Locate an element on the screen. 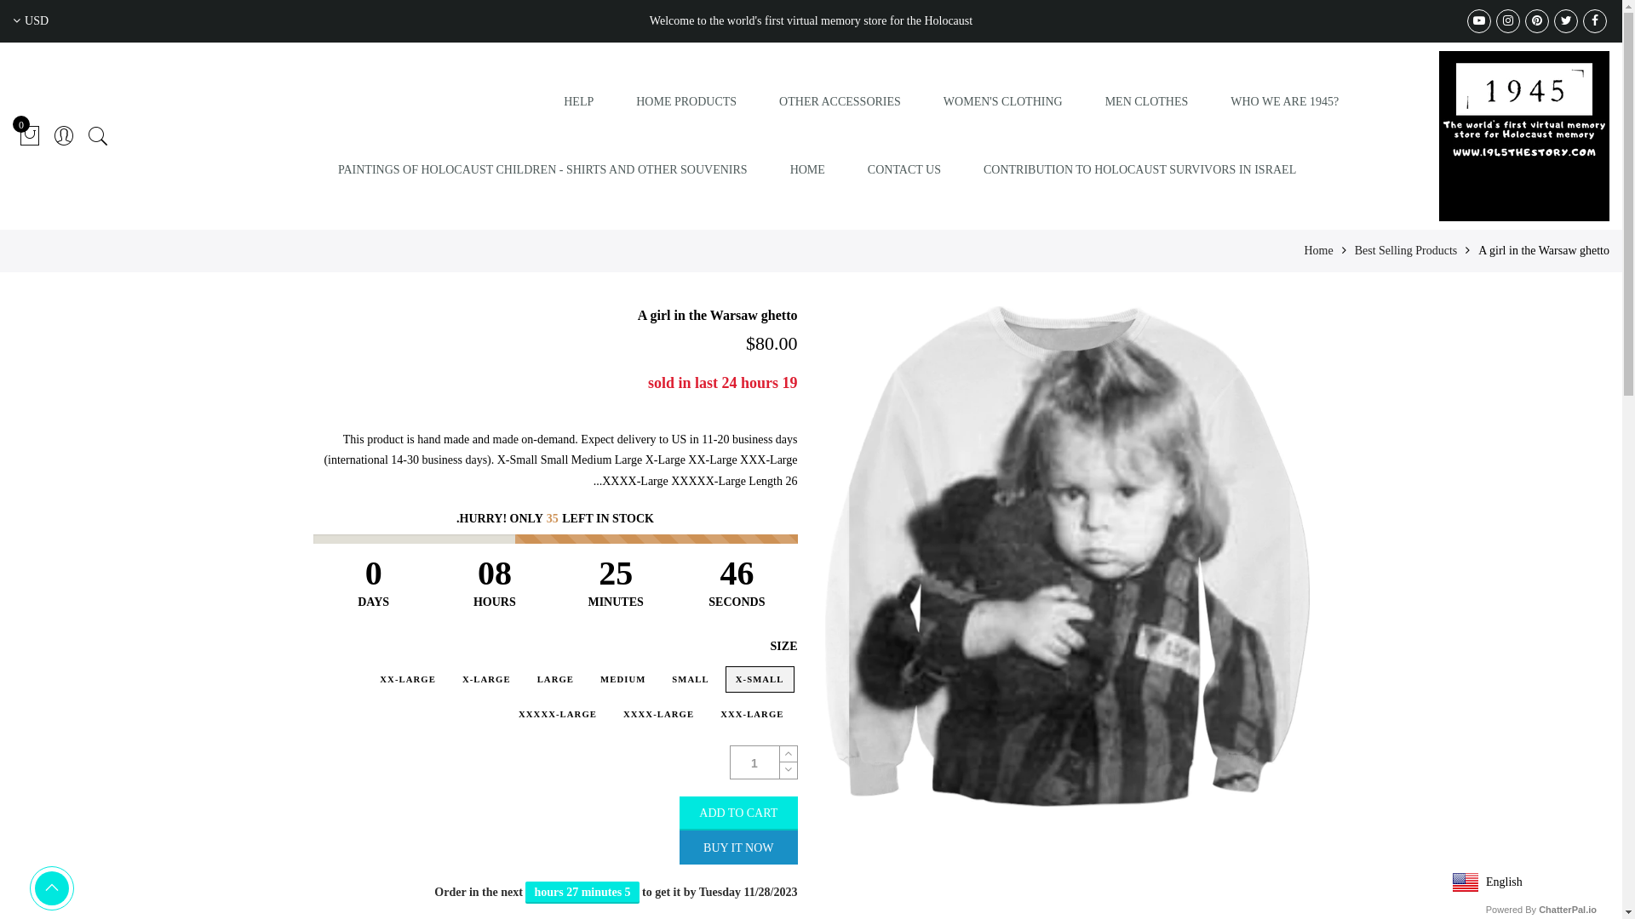  'Qty' is located at coordinates (754, 762).